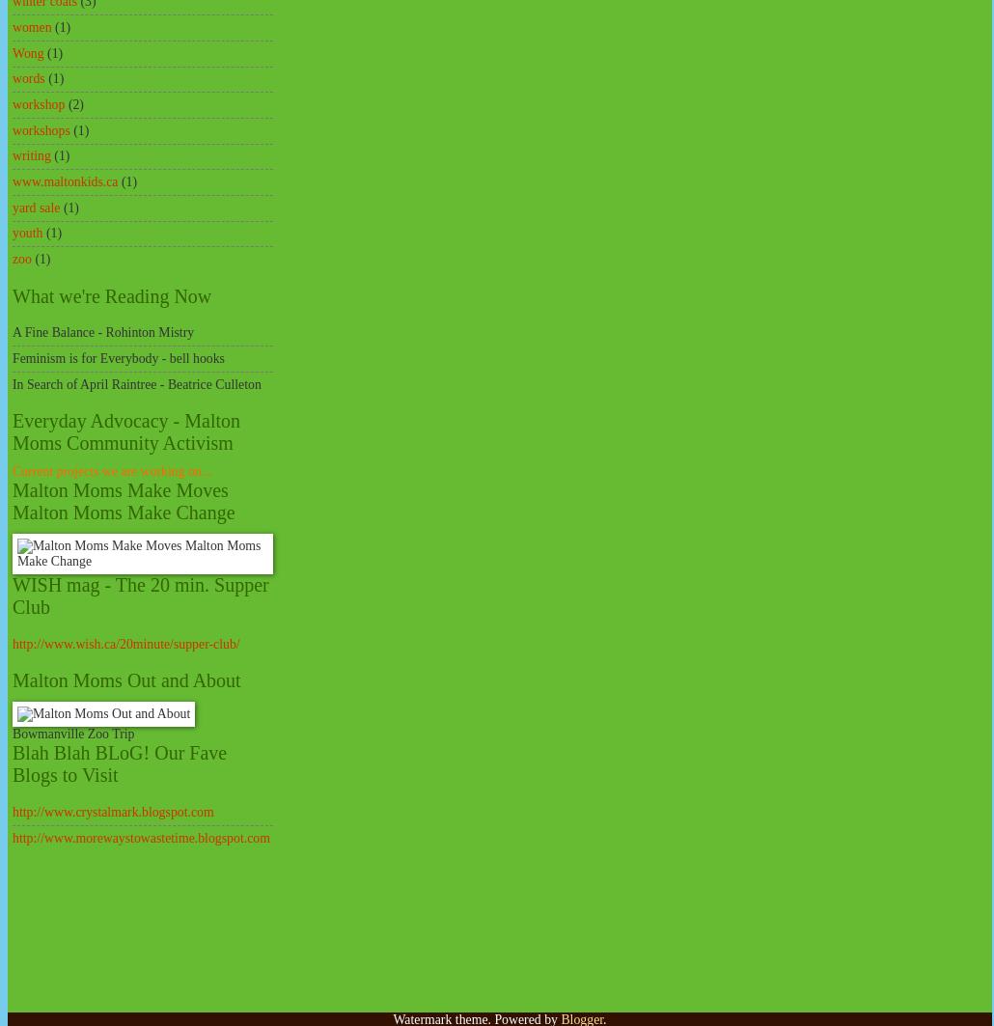 Image resolution: width=994 pixels, height=1026 pixels. What do you see at coordinates (110, 471) in the screenshot?
I see `'Current projects we are working on...'` at bounding box center [110, 471].